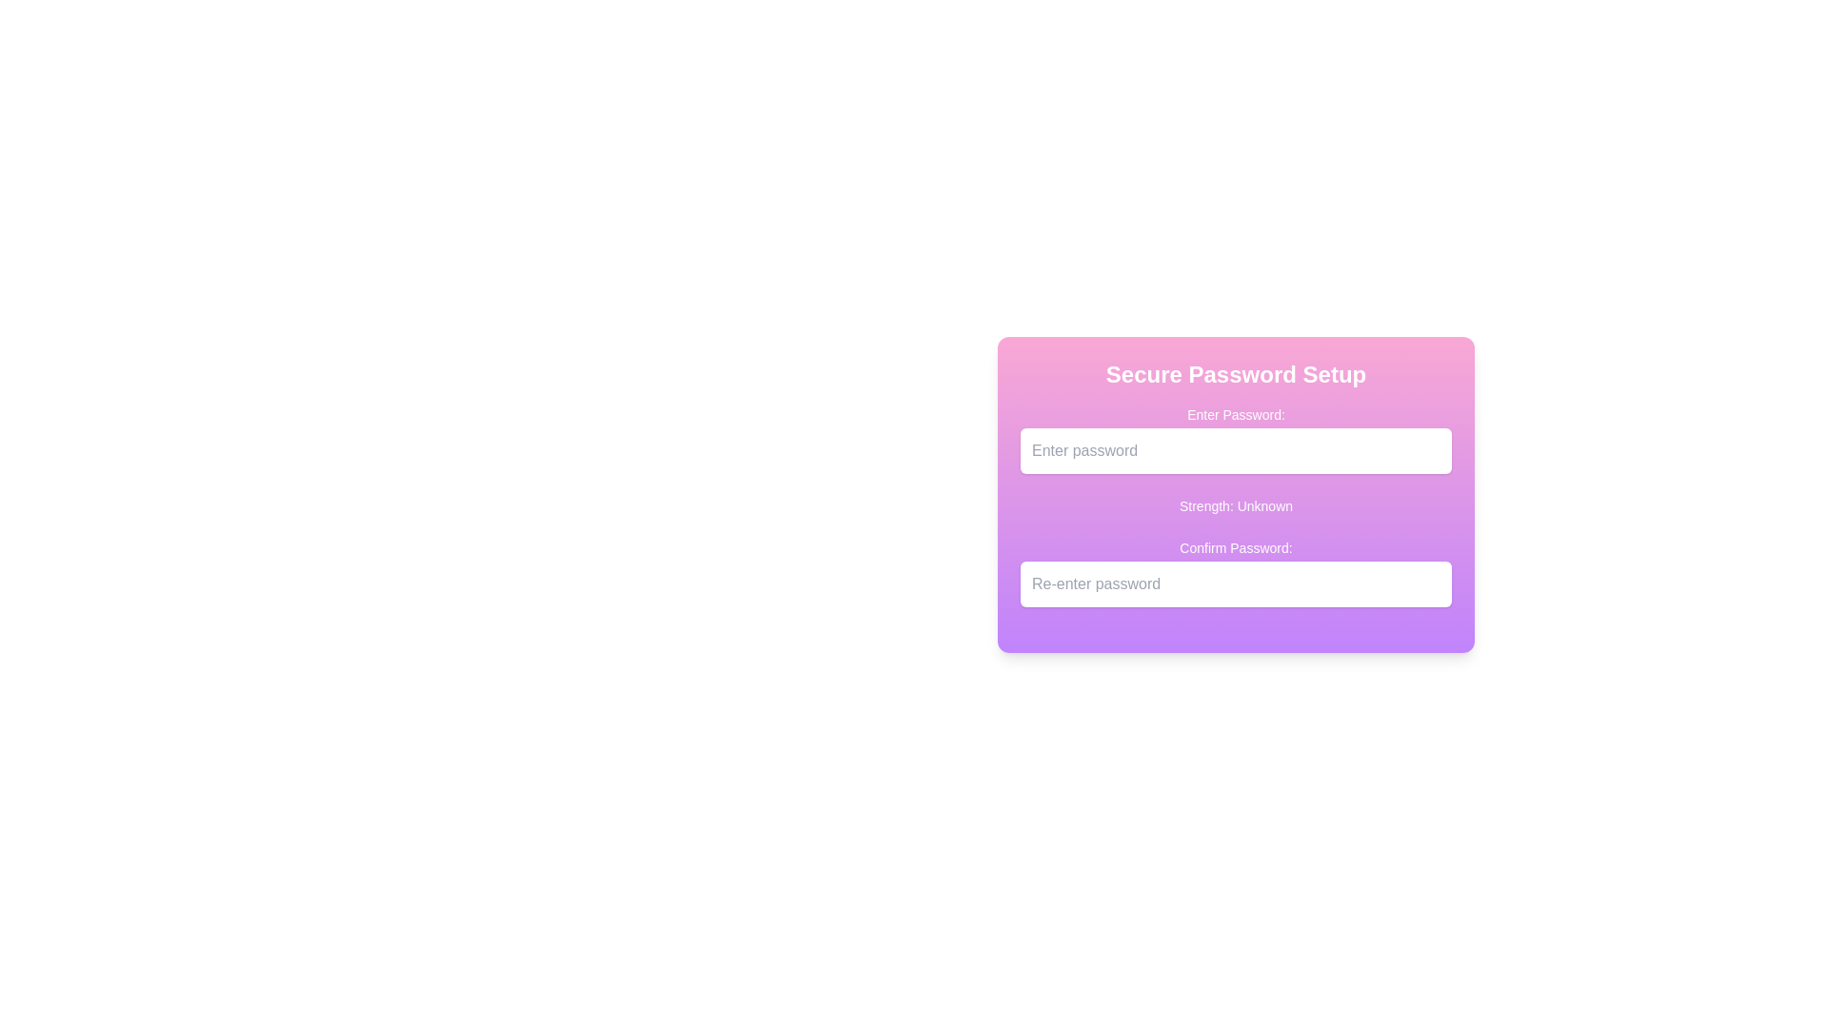  Describe the element at coordinates (1236, 547) in the screenshot. I see `the text label displaying 'Confirm Password:' which is positioned above the input field for re-entering the password` at that location.